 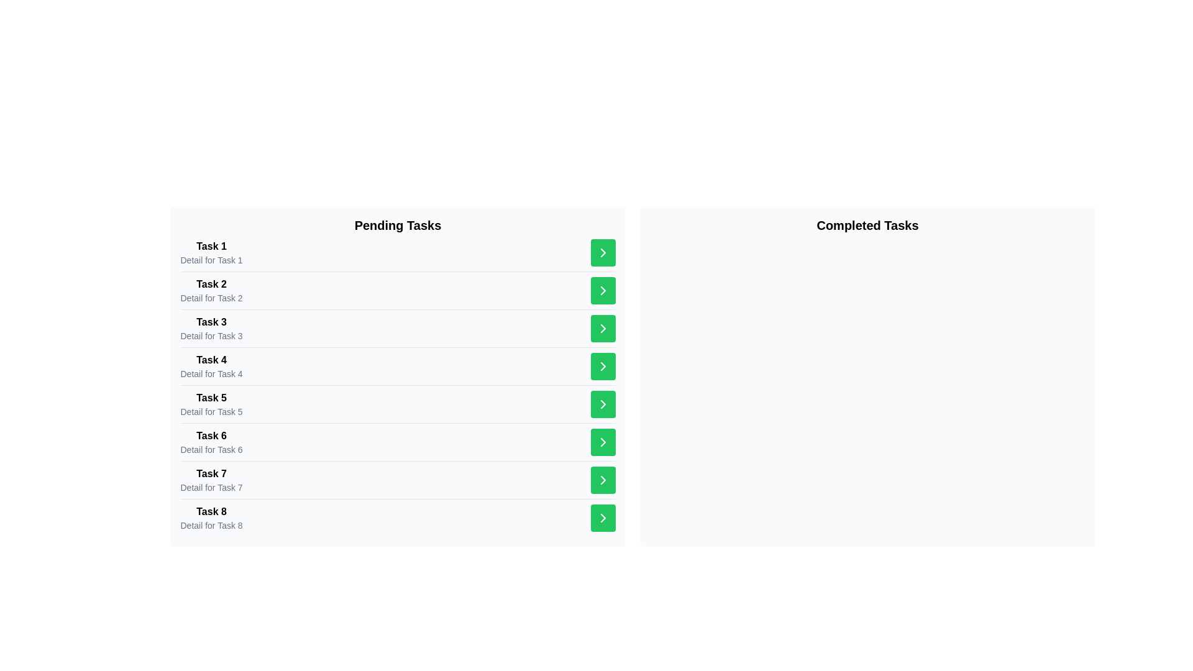 I want to click on the 'Task 8' text element located at the top of the 'Pending Tasks' section, which is characterized by bold and larger typography, so click(x=211, y=512).